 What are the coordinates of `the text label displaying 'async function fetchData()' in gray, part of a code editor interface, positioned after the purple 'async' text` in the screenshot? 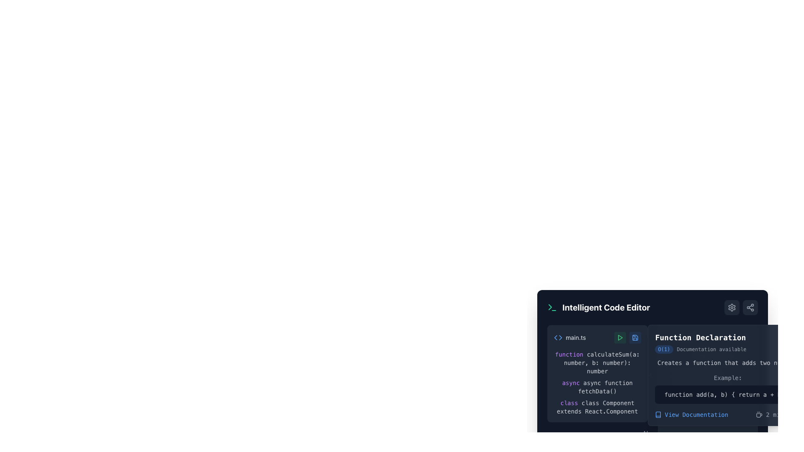 It's located at (605, 387).